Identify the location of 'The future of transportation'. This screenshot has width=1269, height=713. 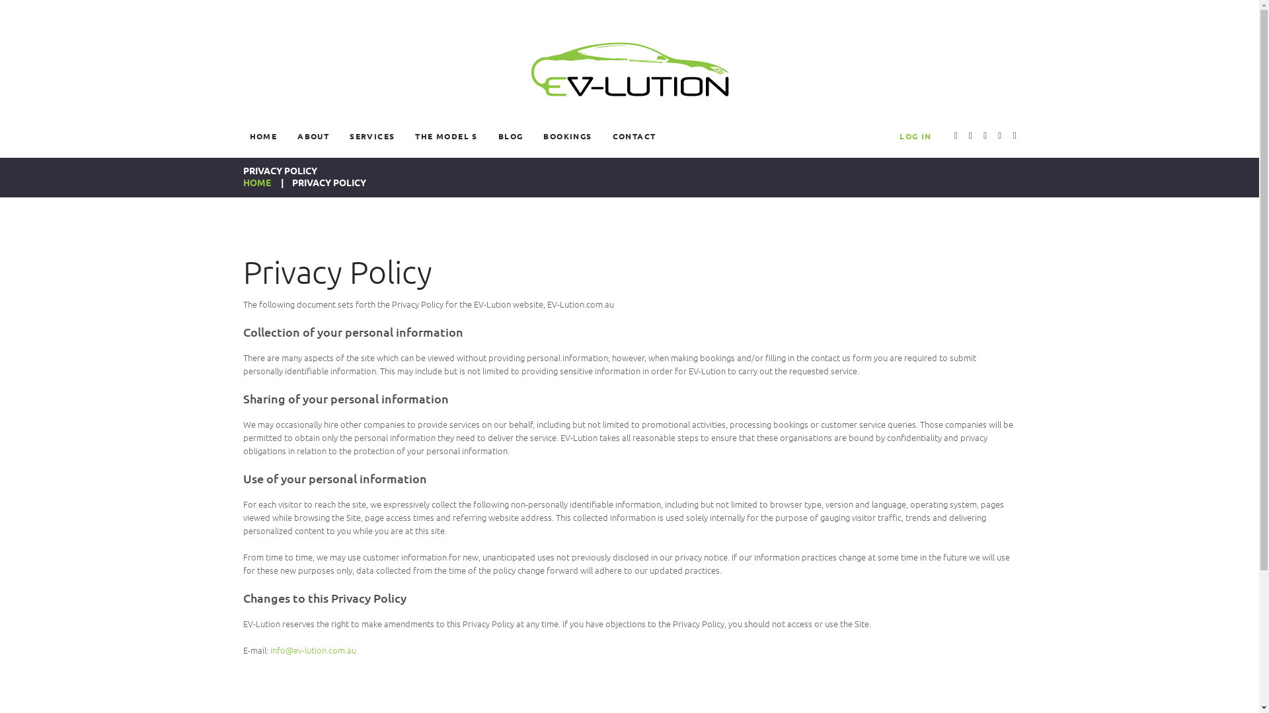
(628, 69).